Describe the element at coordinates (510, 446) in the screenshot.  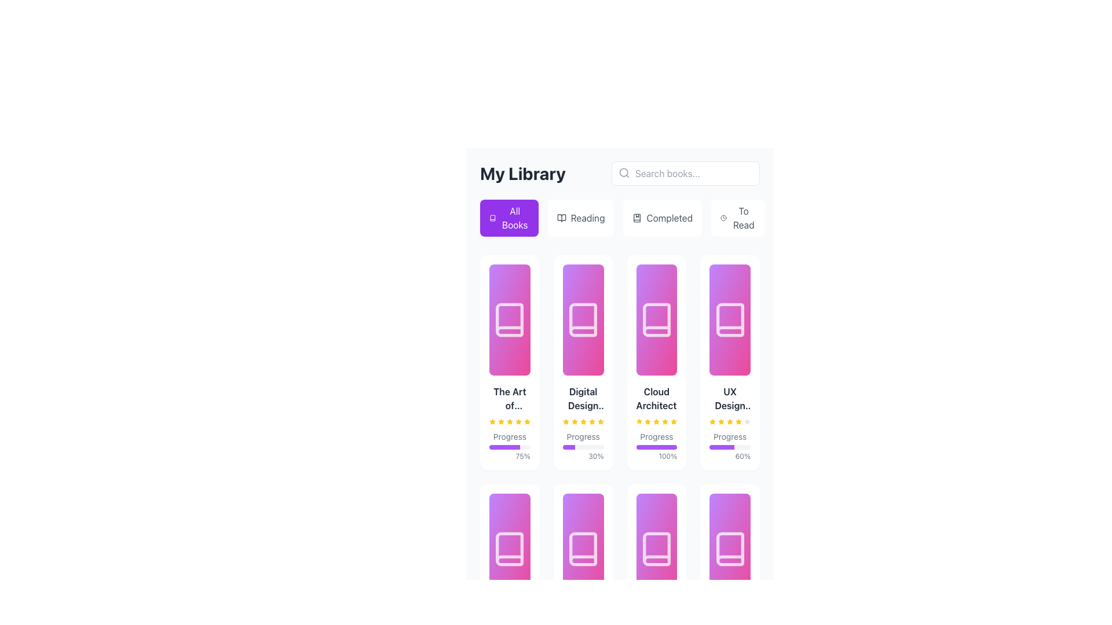
I see `the visual state of the Progress Indicator labeled 'Progress', which includes a purple-filled progress bar showing 75% and a numeric percentage displayed beneath it, located in the section of 'The Art of Programming' beneath the rating stars` at that location.